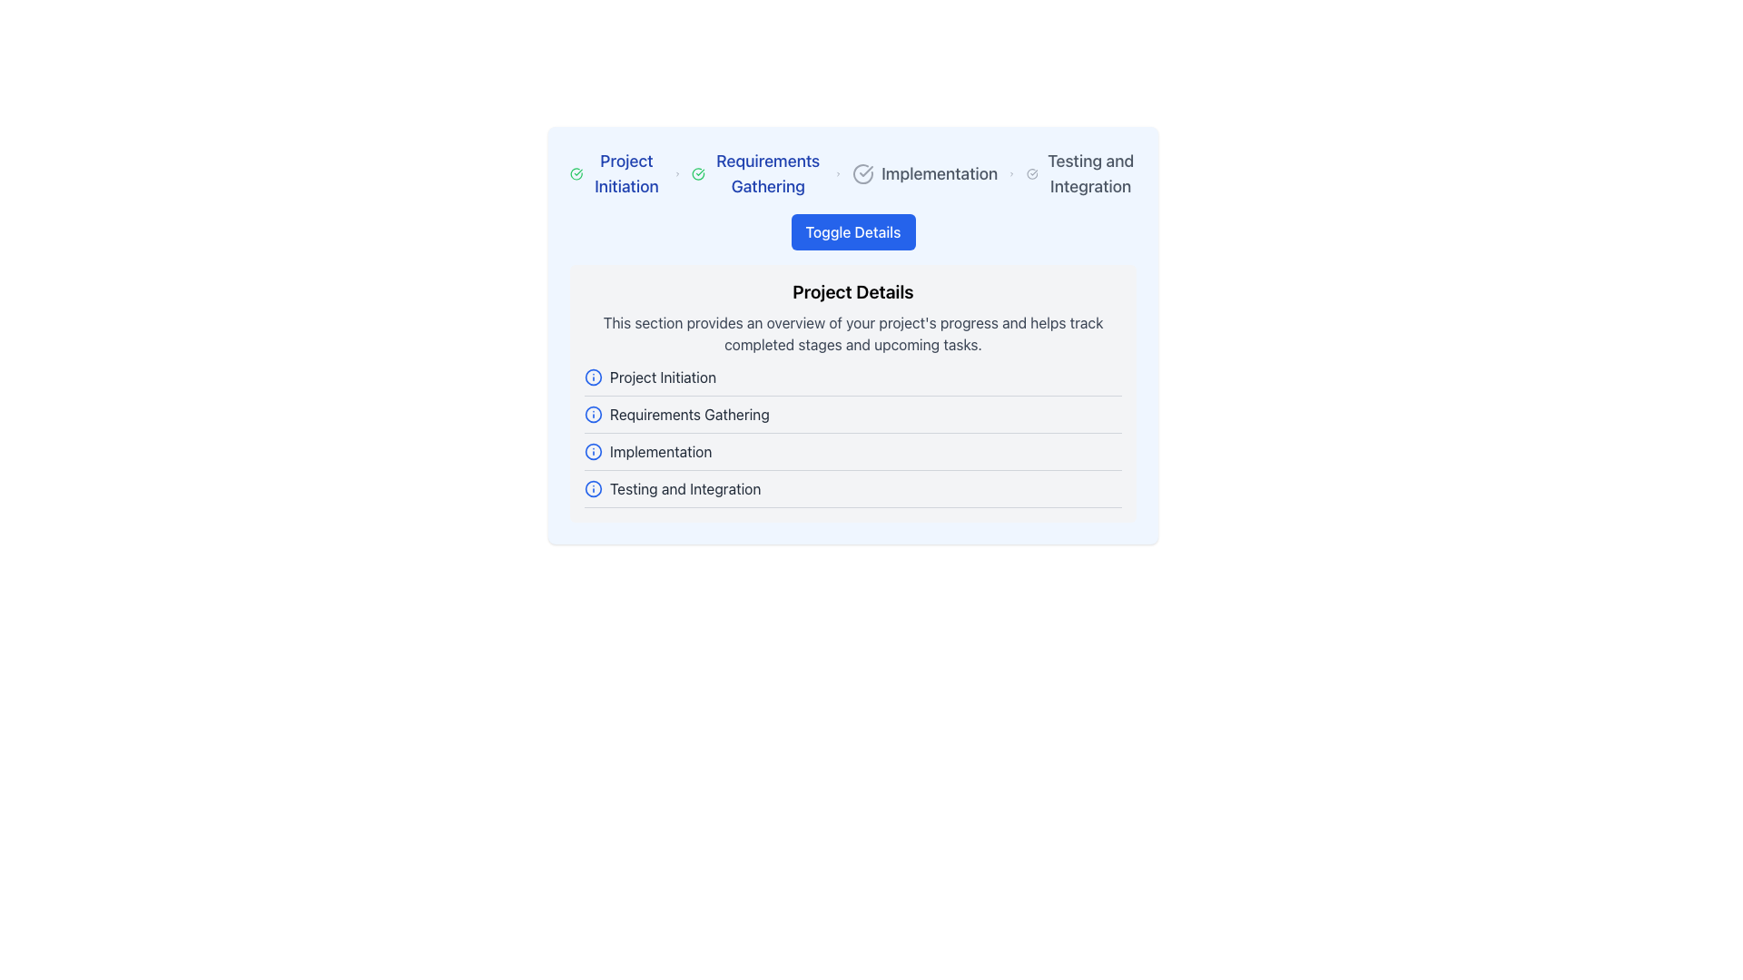 The image size is (1743, 980). Describe the element at coordinates (688, 414) in the screenshot. I see `the text label displaying 'Requirements Gathering' which is the second item in the list under the header 'Project Details'` at that location.